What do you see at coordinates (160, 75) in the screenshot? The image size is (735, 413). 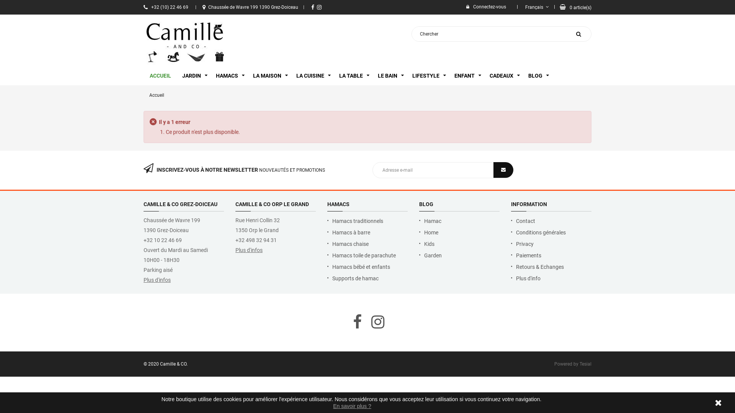 I see `'ACCUEIL'` at bounding box center [160, 75].